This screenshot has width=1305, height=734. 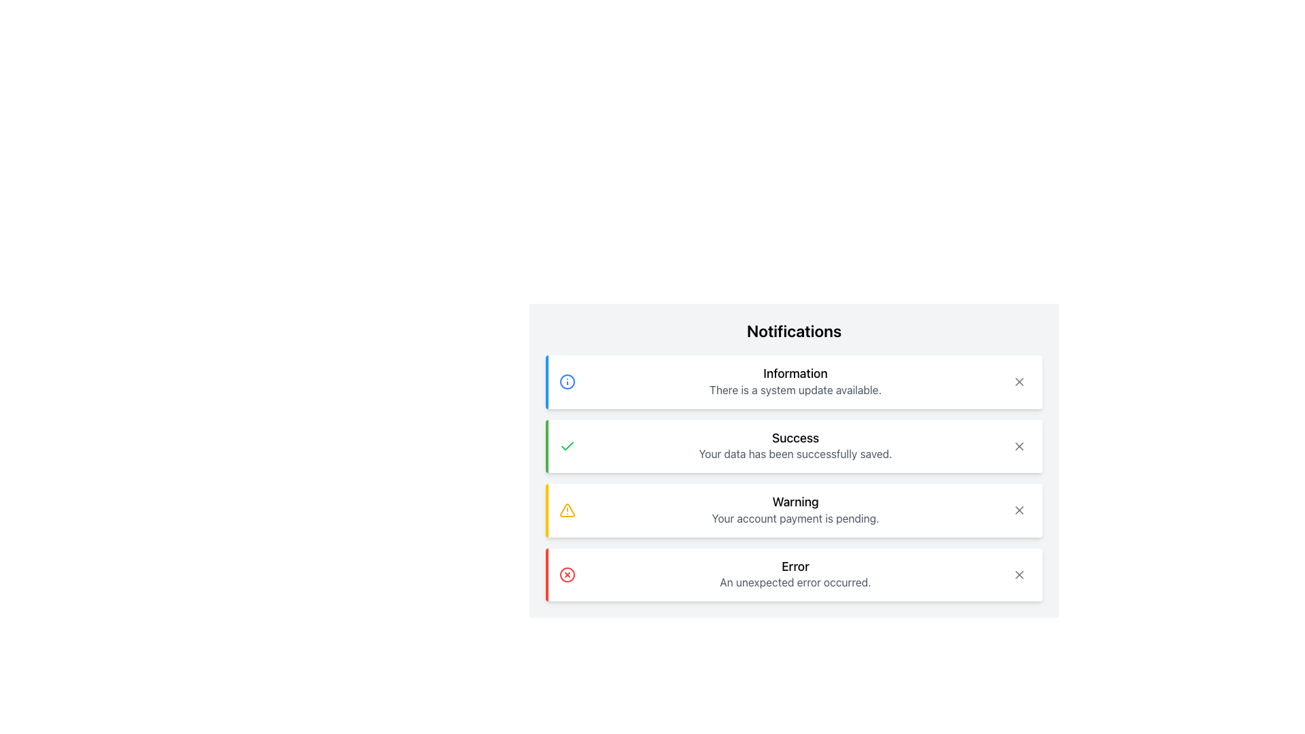 What do you see at coordinates (795, 382) in the screenshot?
I see `the information text block notifying the user about a system update, which is located within the first notification item in the list, horizontally aligned to the left of a closing button` at bounding box center [795, 382].